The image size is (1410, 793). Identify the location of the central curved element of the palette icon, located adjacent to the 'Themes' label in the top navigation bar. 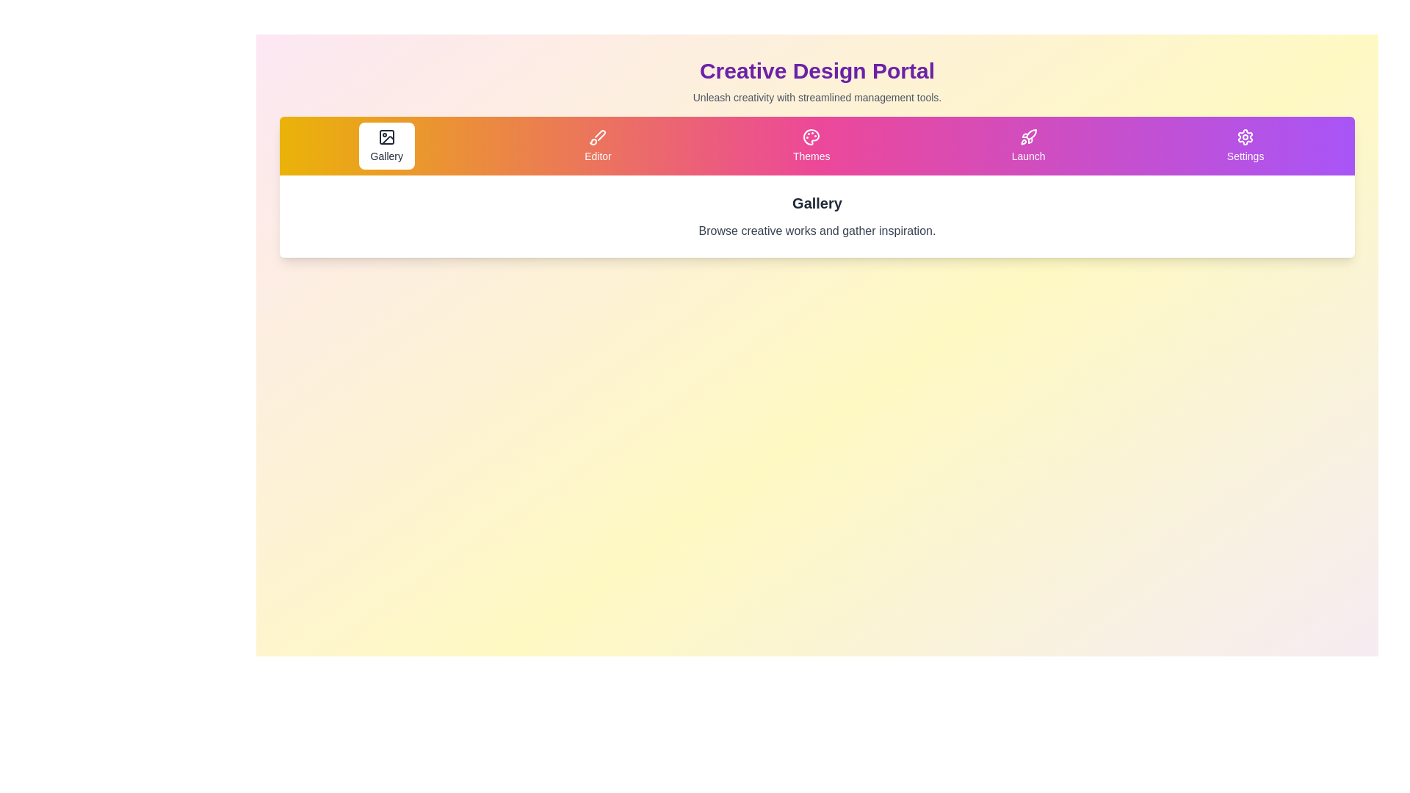
(811, 137).